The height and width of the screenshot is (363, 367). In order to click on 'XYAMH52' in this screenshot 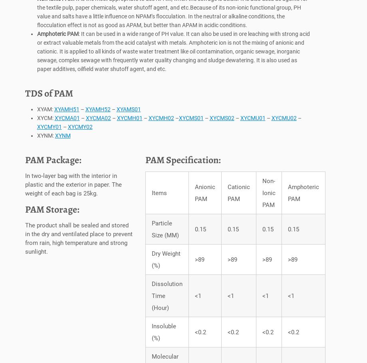, I will do `click(97, 111)`.